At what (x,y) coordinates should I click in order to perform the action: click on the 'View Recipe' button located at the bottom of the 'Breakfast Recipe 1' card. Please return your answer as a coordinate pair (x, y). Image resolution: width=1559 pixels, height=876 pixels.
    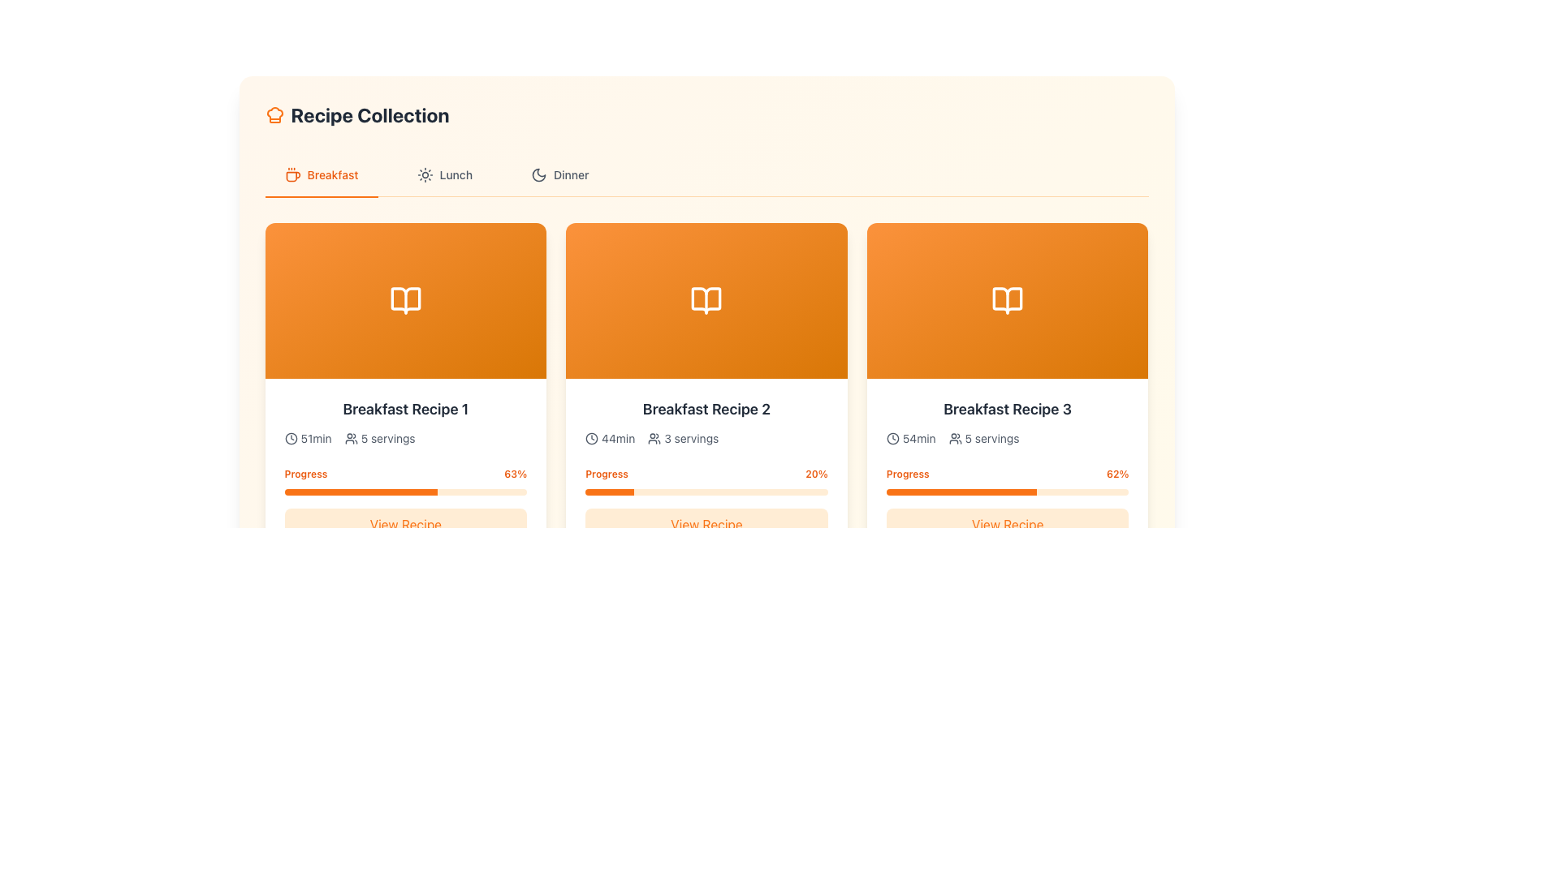
    Looking at the image, I should click on (405, 525).